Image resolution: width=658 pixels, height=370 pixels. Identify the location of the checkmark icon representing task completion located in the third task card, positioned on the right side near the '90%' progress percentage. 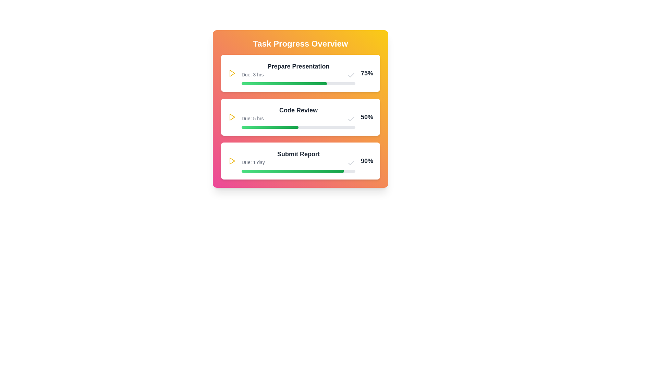
(351, 119).